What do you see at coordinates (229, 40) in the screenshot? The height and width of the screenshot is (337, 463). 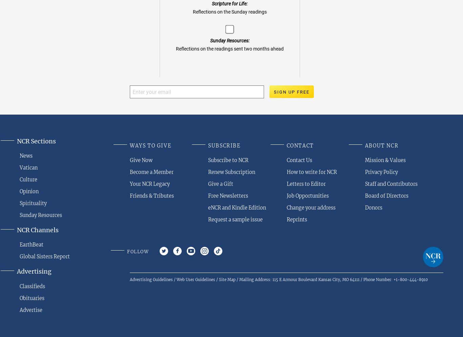 I see `'Sunday Resources:'` at bounding box center [229, 40].